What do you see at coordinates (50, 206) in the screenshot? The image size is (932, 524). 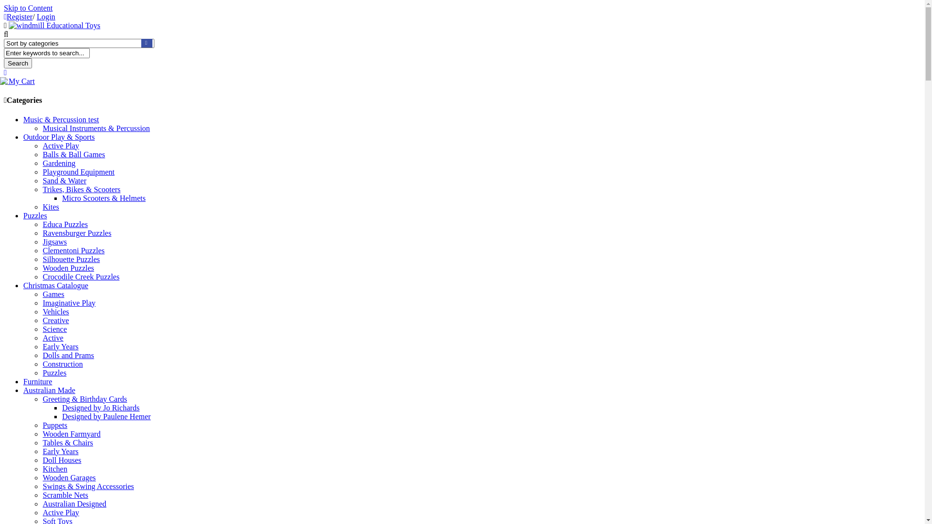 I see `'Kites'` at bounding box center [50, 206].